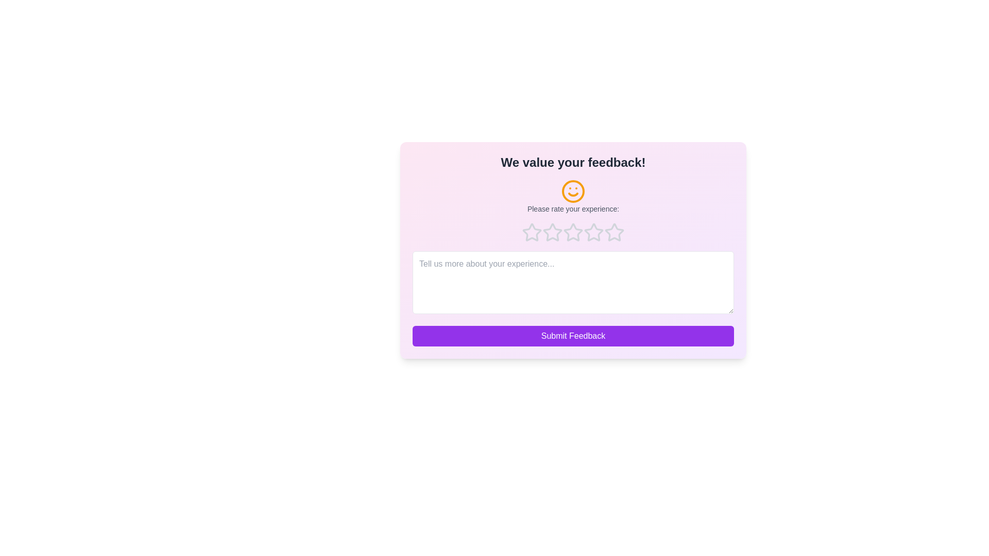 Image resolution: width=989 pixels, height=556 pixels. Describe the element at coordinates (532, 232) in the screenshot. I see `the first rating star icon` at that location.